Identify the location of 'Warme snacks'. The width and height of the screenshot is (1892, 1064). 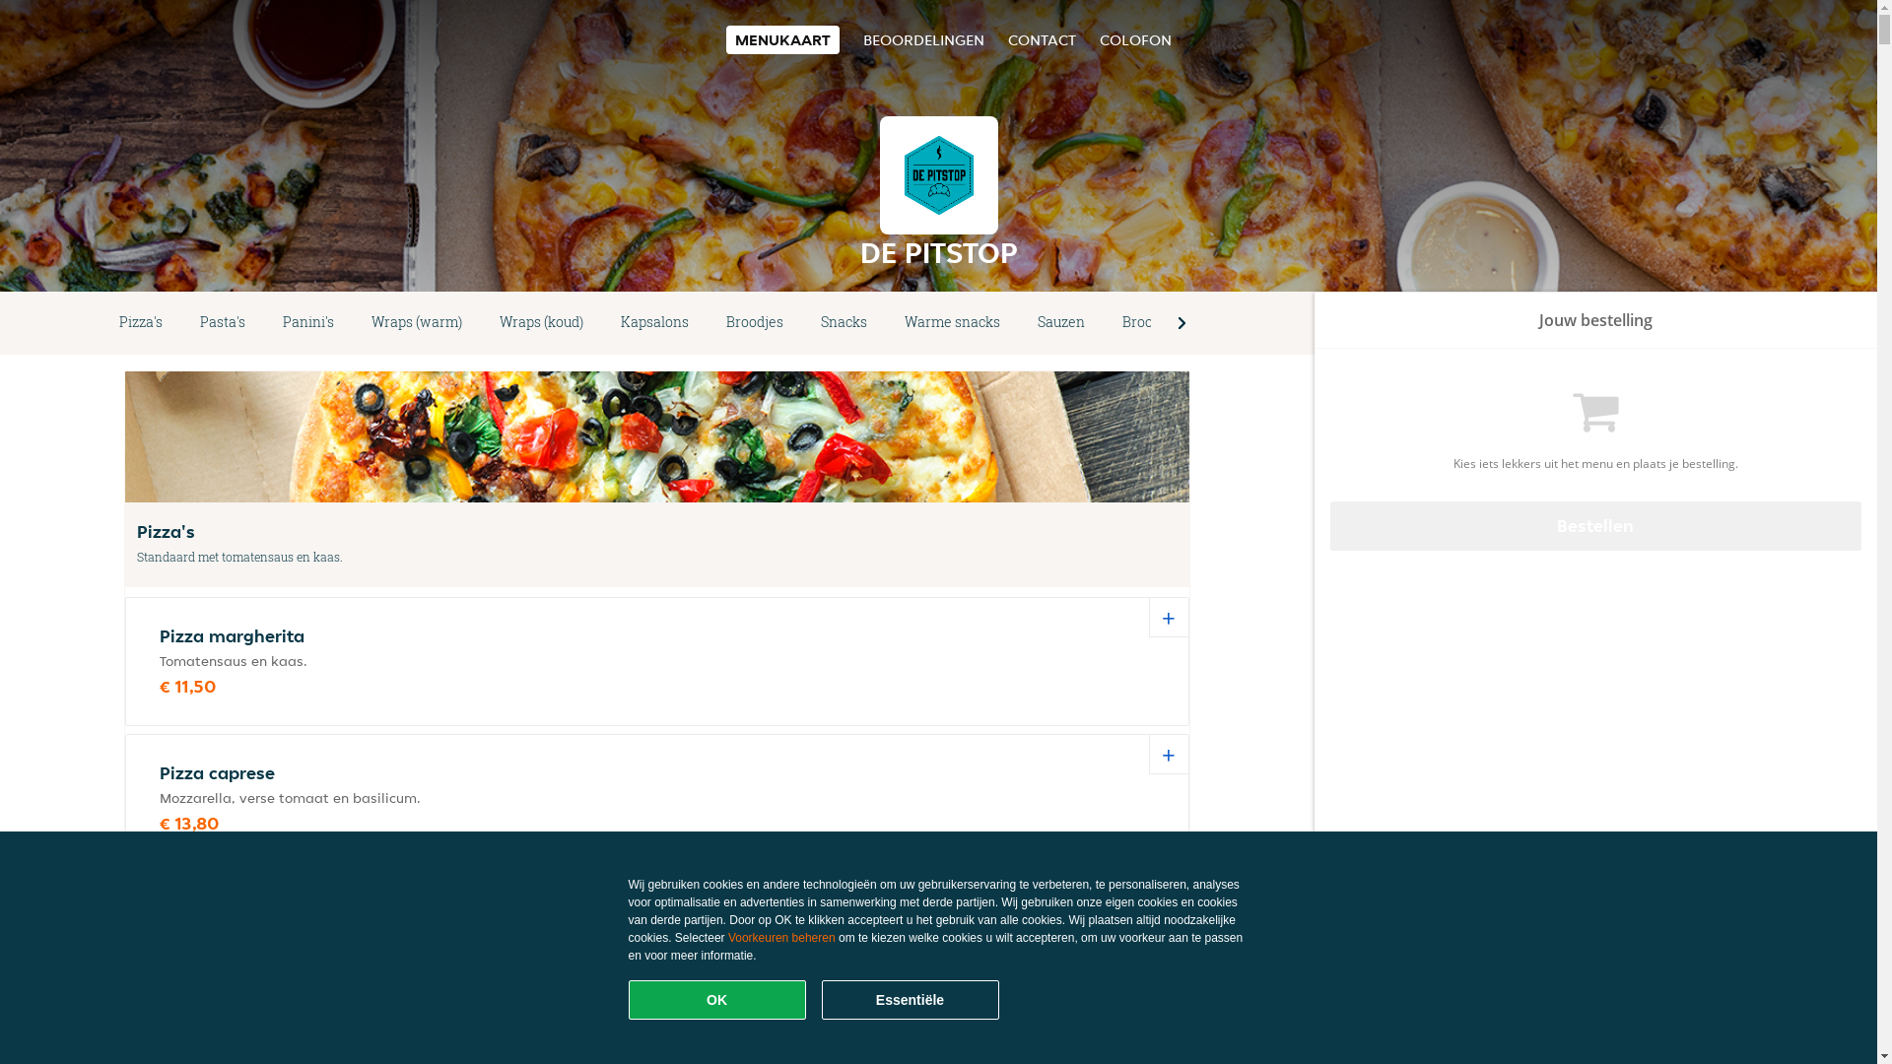
(952, 321).